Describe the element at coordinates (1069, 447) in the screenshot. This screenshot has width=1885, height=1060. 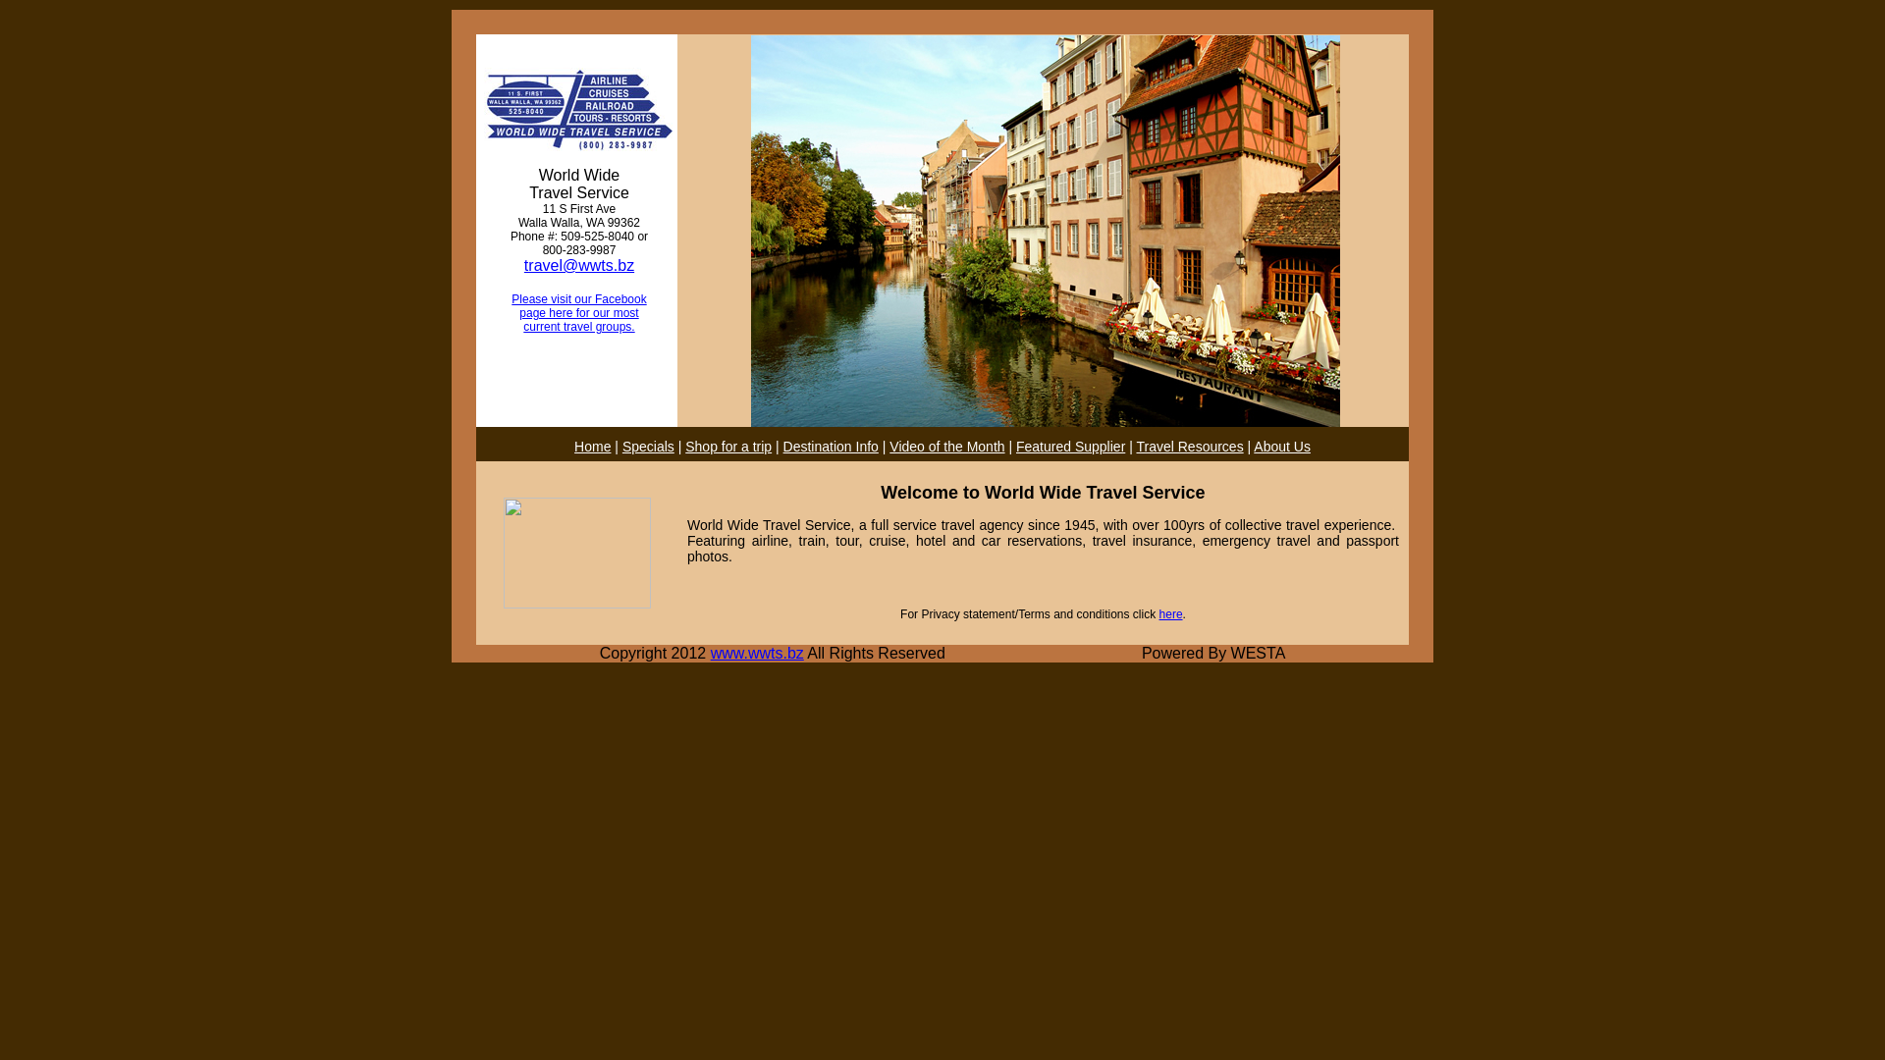
I see `'Featured Supplier'` at that location.